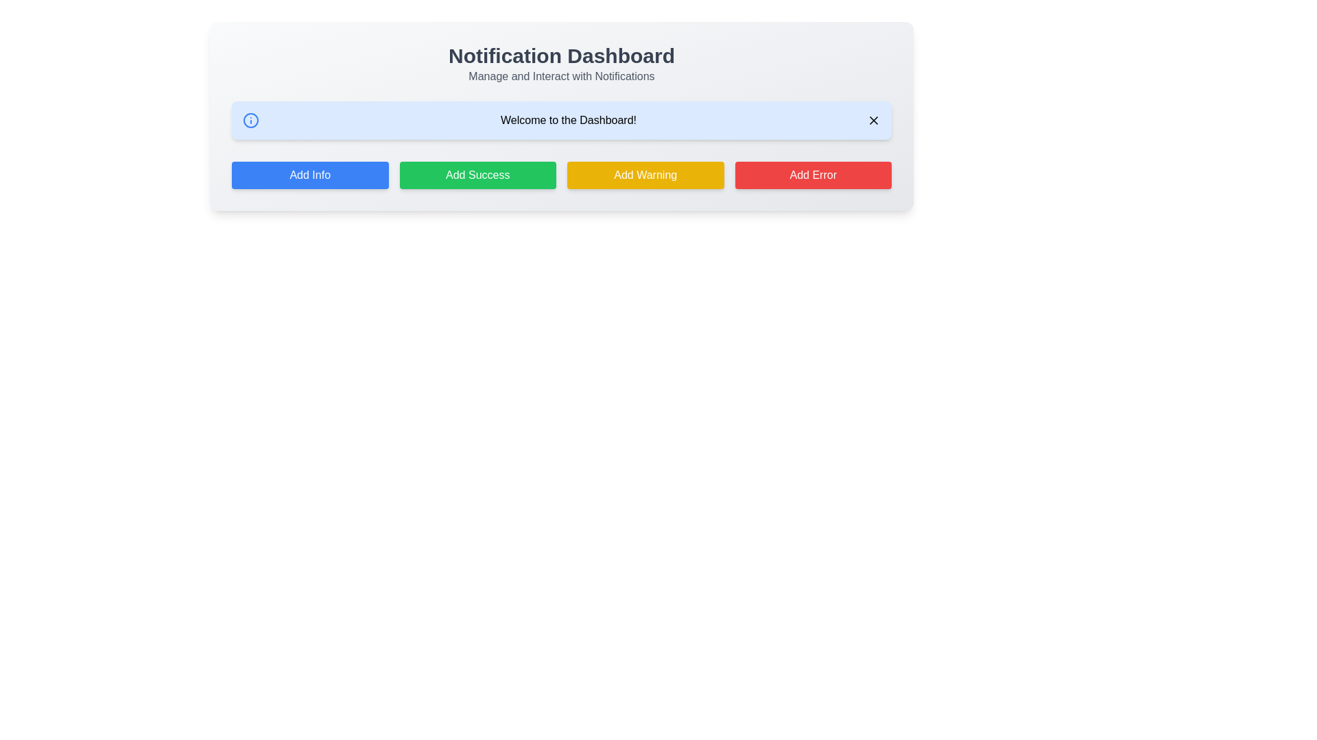 The height and width of the screenshot is (740, 1317). I want to click on the first button in the horizontal row located at the bottom section of the 'Notification Dashboard' panel, so click(309, 174).